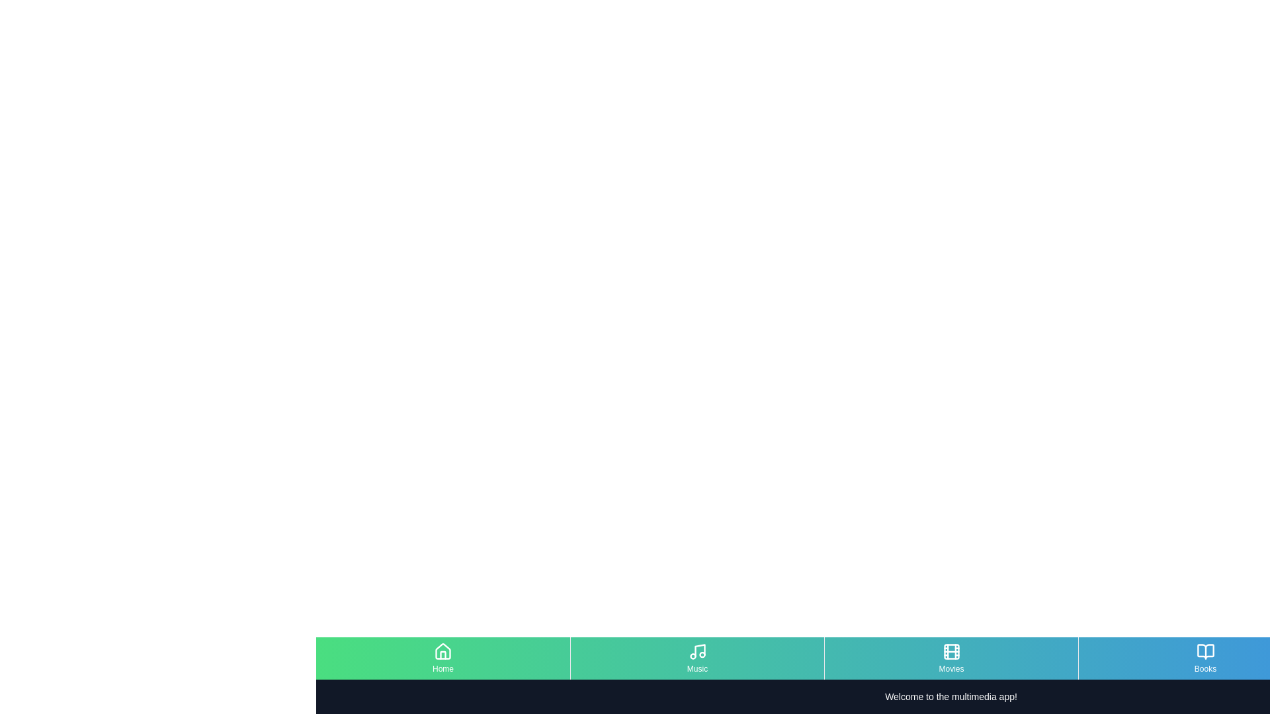 The image size is (1270, 714). Describe the element at coordinates (1205, 658) in the screenshot. I see `the menu item Books to navigate to its content` at that location.